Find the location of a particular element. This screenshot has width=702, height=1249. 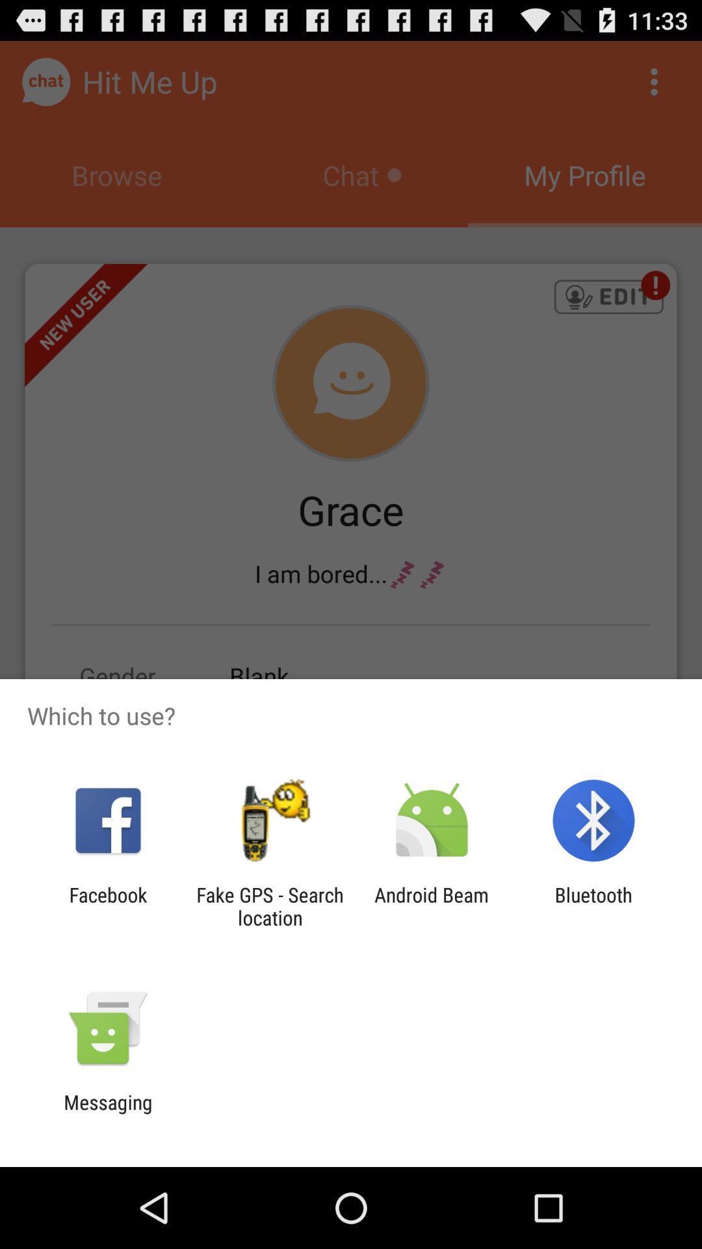

the item next to the android beam app is located at coordinates (593, 906).